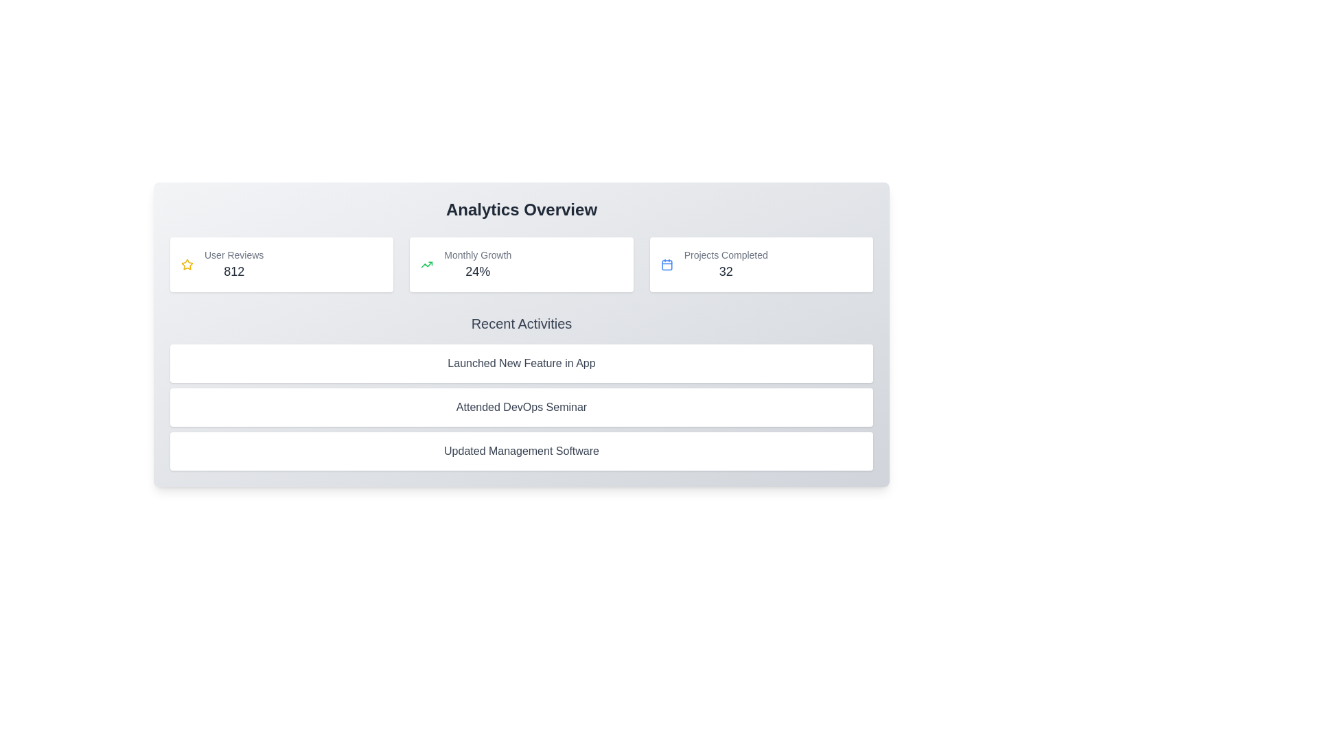 Image resolution: width=1318 pixels, height=741 pixels. Describe the element at coordinates (187, 264) in the screenshot. I see `the star icon representing user ratings within the 'User Reviews' card, which is located in the top-left section of the interface` at that location.